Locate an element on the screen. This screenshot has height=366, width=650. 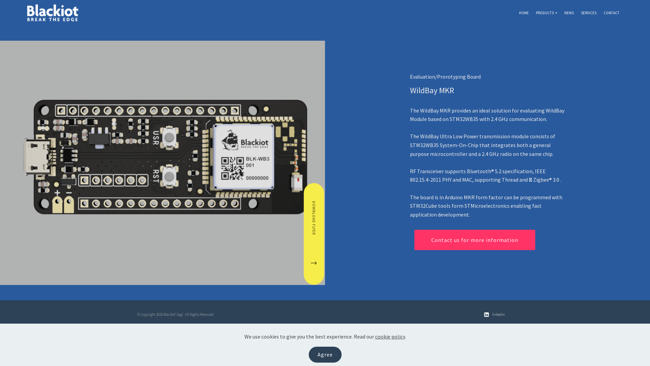
'linkedin' is located at coordinates (498, 314).